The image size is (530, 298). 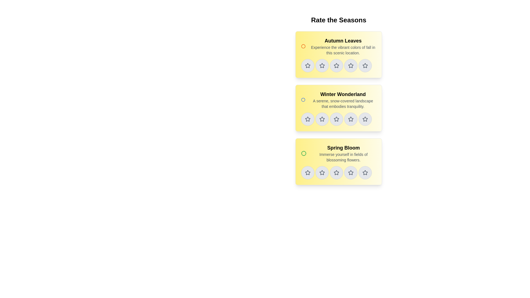 I want to click on the third circular icon button with a hollow star outline in dark gray, located at the bottom of the 'Spring Bloom' card, so click(x=336, y=172).